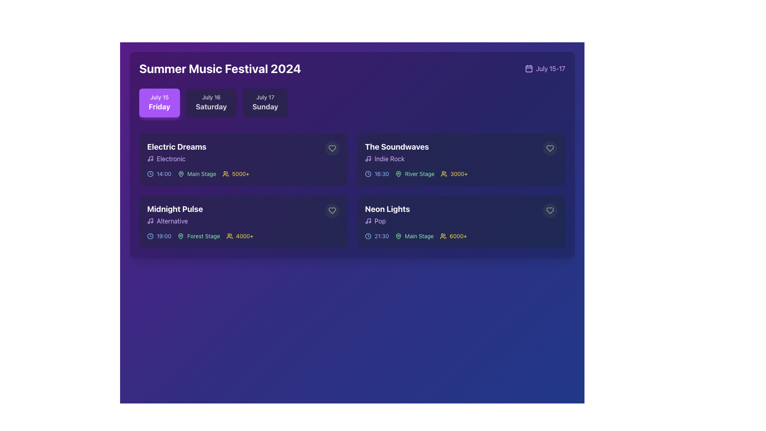 The image size is (766, 431). Describe the element at coordinates (461, 173) in the screenshot. I see `information presented in the informative row displaying event details, including scheduled time, venue, and expected audience count, located in the fourth card titled 'The Soundwaves'` at that location.